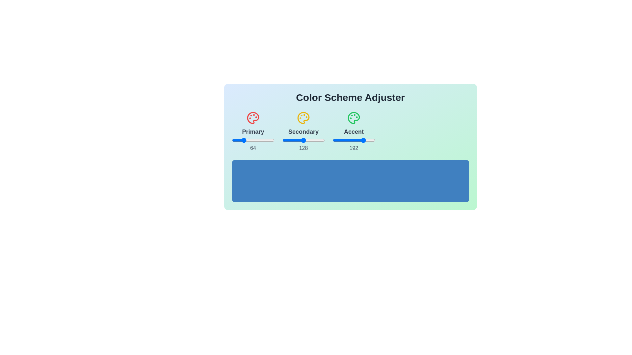 This screenshot has width=632, height=355. I want to click on the 0 slider to 93, so click(269, 140).